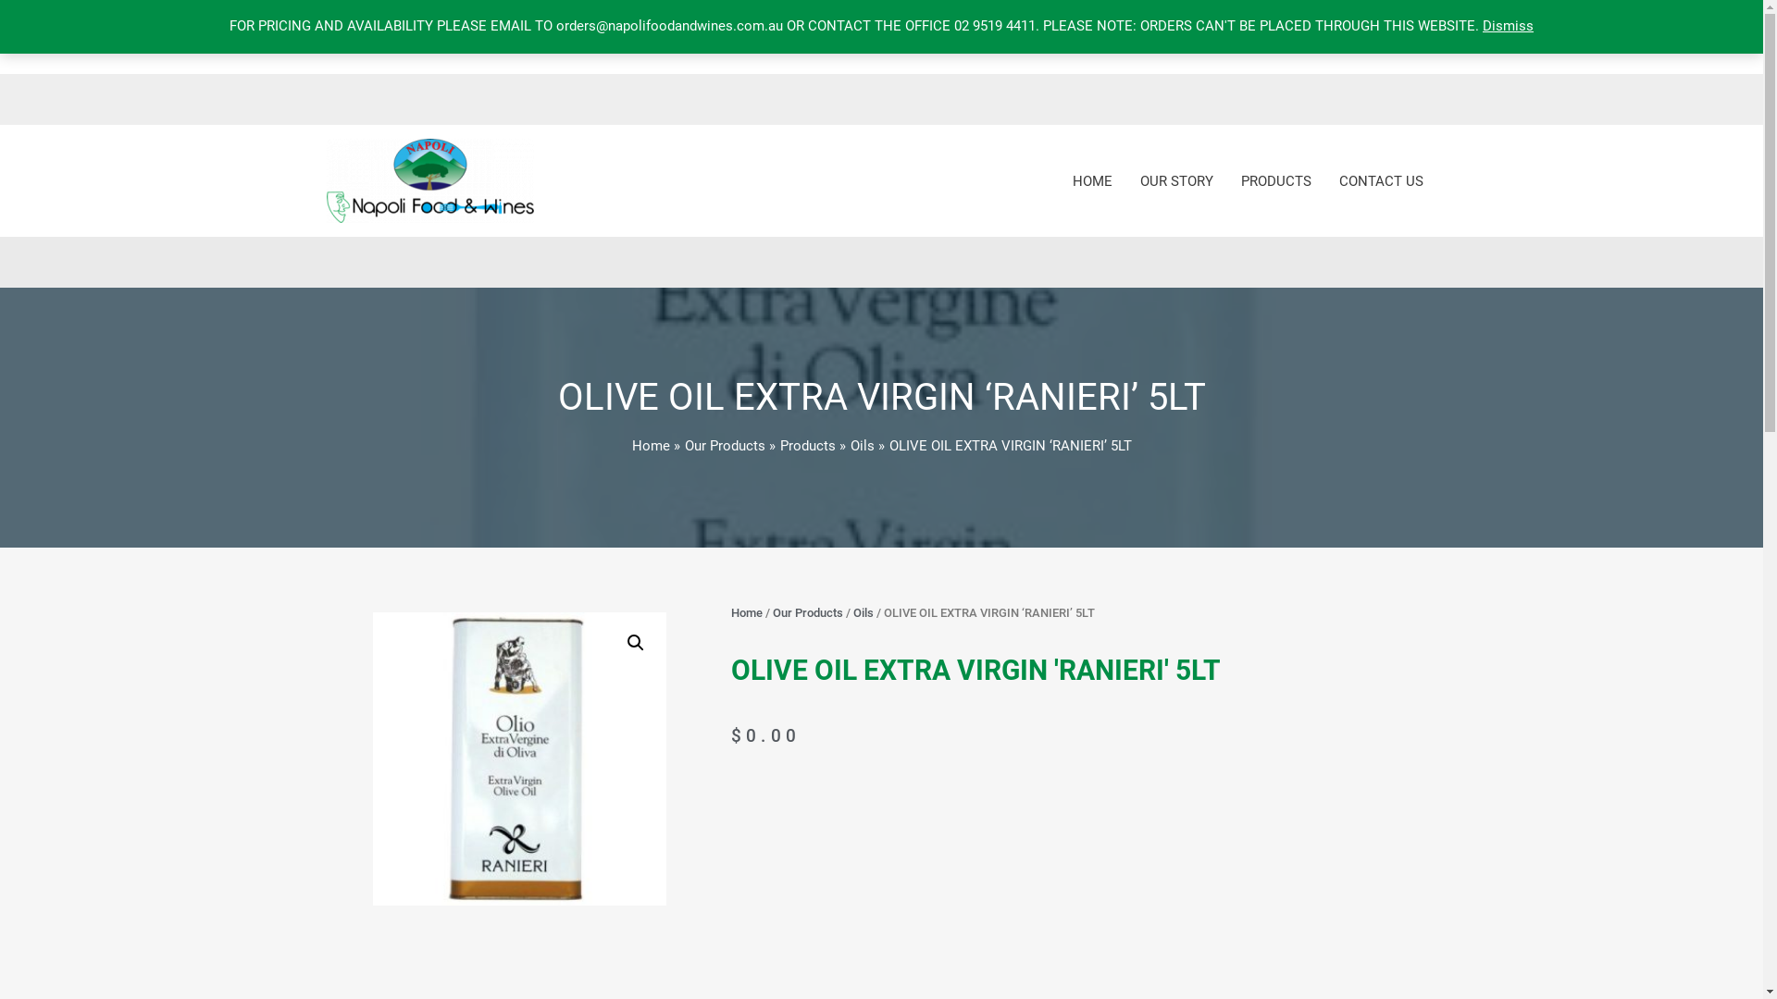 This screenshot has height=999, width=1777. What do you see at coordinates (518, 758) in the screenshot?
I see `'evoo ranieri 5lt'` at bounding box center [518, 758].